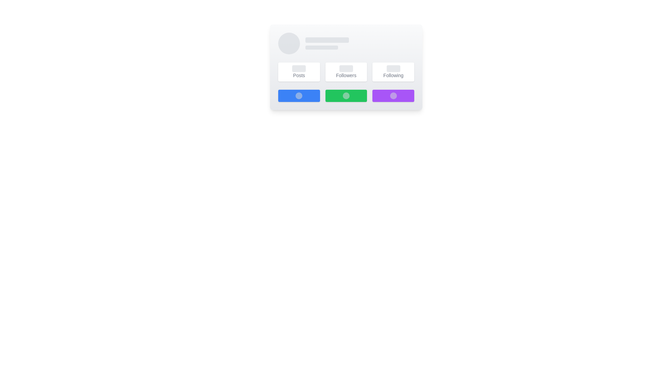 The width and height of the screenshot is (653, 367). I want to click on the Informational button that displays the number of followers for the user profile, labeled 'Followers', so click(346, 72).